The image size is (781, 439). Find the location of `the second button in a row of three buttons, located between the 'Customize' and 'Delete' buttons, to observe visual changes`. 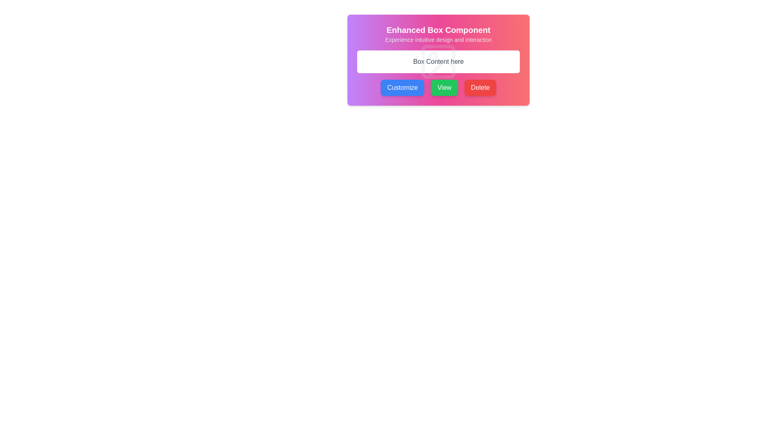

the second button in a row of three buttons, located between the 'Customize' and 'Delete' buttons, to observe visual changes is located at coordinates (438, 88).